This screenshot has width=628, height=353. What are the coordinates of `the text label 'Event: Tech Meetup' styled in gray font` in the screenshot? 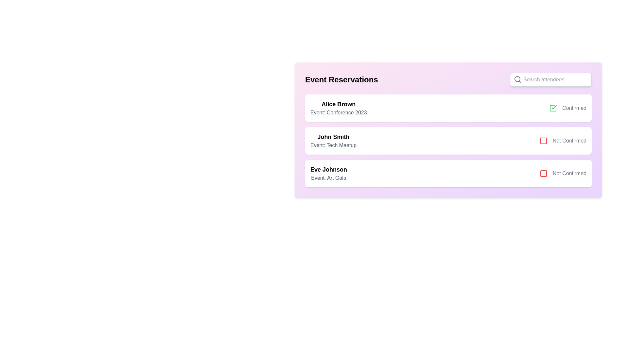 It's located at (333, 145).